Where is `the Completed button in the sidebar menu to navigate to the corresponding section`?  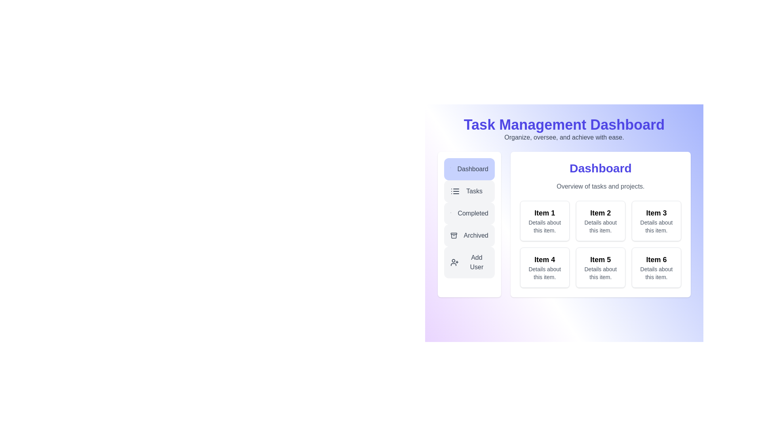
the Completed button in the sidebar menu to navigate to the corresponding section is located at coordinates (469, 213).